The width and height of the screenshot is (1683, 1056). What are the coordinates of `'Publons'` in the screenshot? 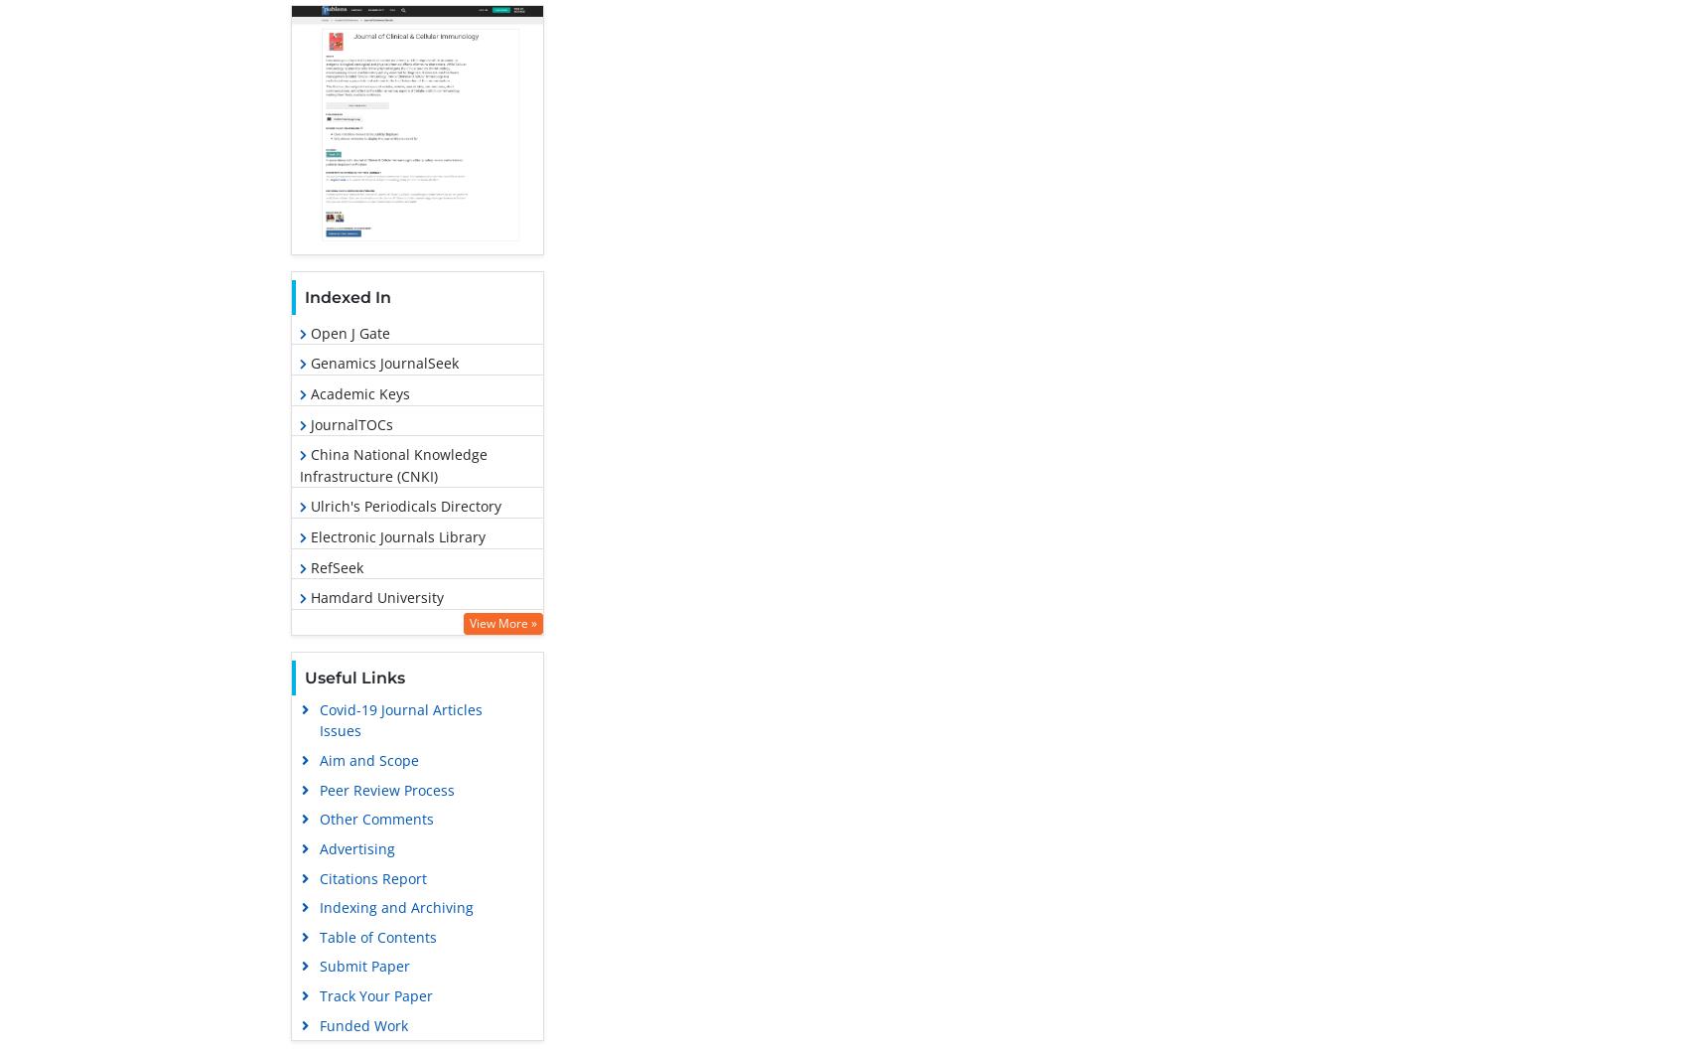 It's located at (333, 748).